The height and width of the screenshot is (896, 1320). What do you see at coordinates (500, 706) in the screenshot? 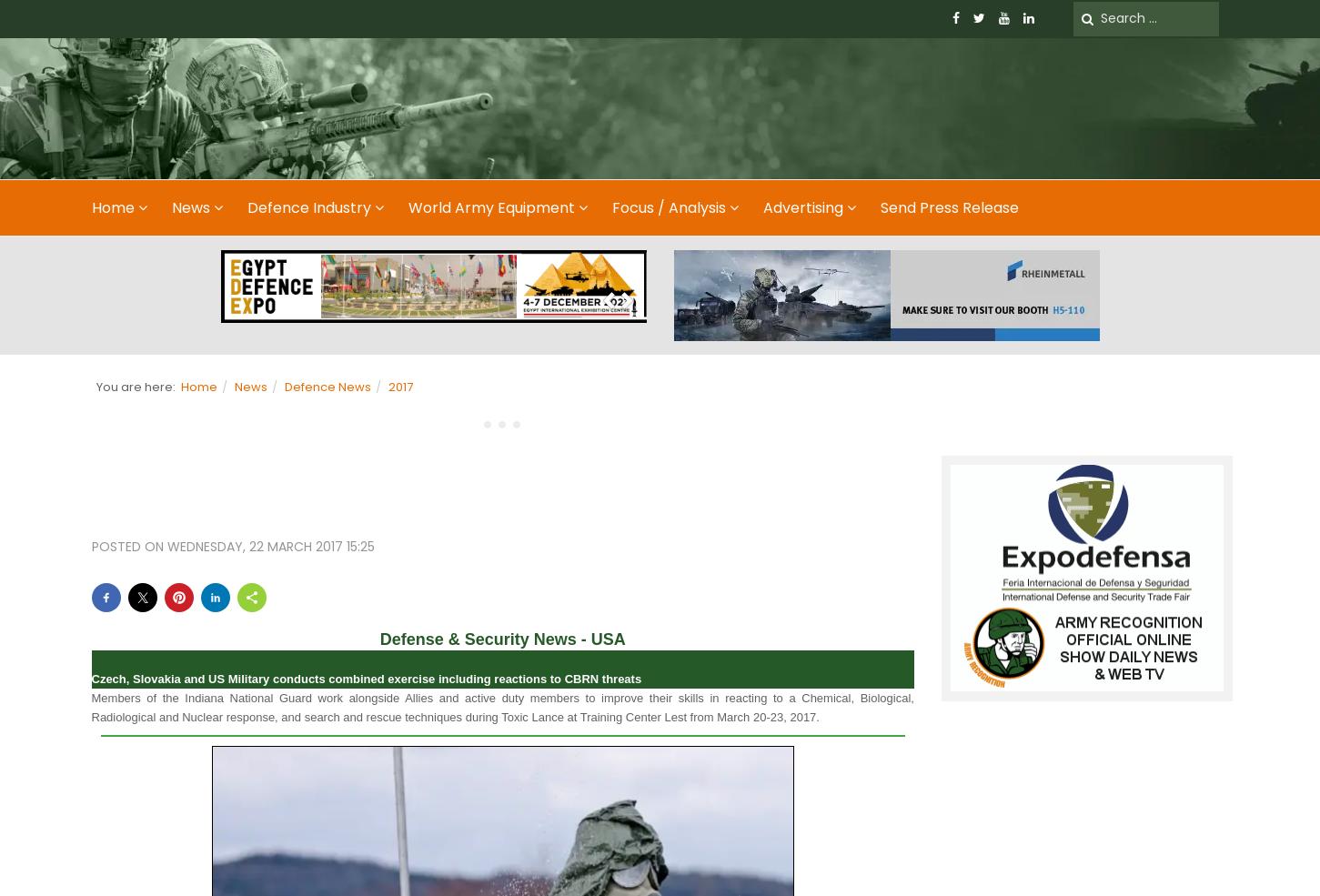
I see `'Members of the Indiana National Guard work alongside Allies and active duty members to improve their skills in reacting to a Chemical, Biological, Radiological and Nuclear response, and search and rescue techniques during Toxic Lance at Training Center Lest from March 20-23, 2017.'` at bounding box center [500, 706].